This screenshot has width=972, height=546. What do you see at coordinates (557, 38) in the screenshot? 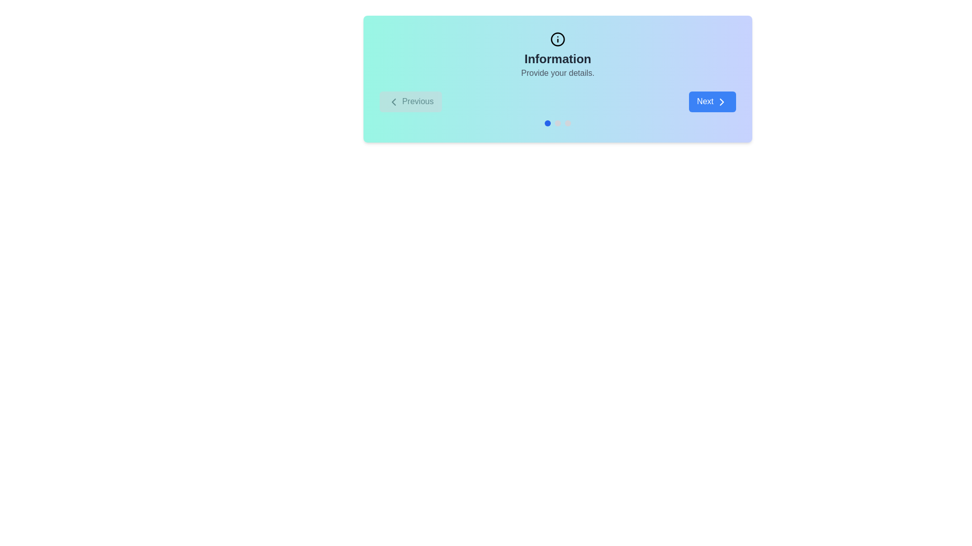
I see `the icon representing the current step and observe its details` at bounding box center [557, 38].